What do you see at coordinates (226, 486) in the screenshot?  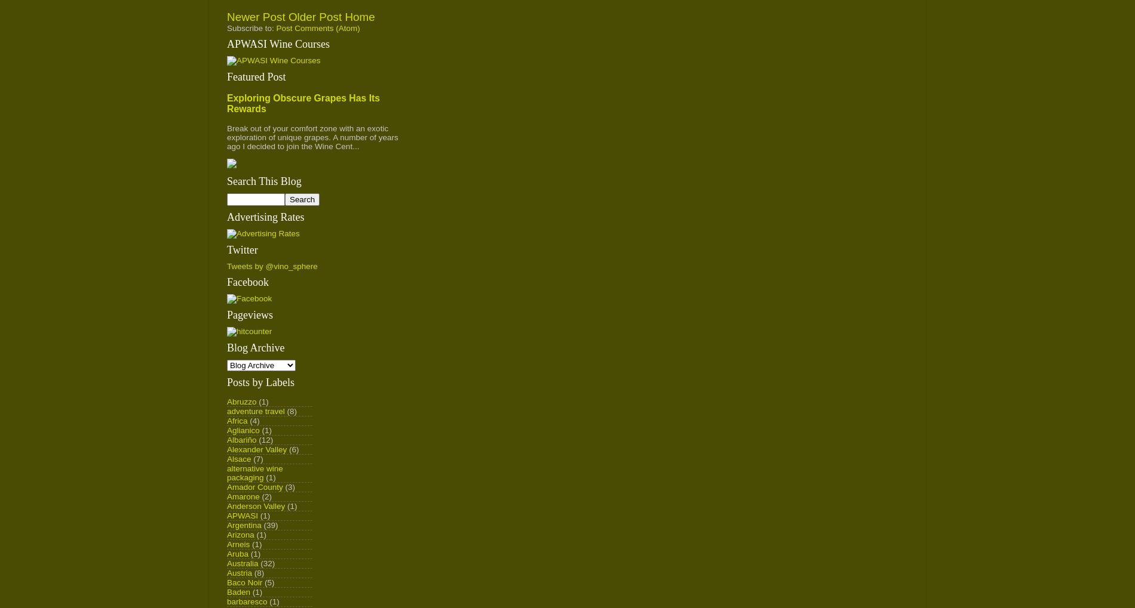 I see `'Amador County'` at bounding box center [226, 486].